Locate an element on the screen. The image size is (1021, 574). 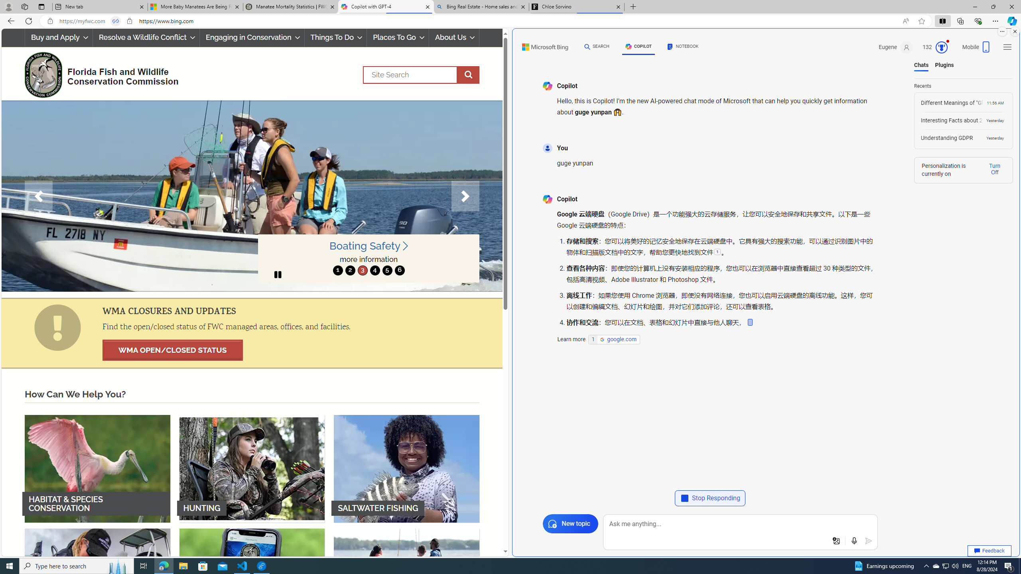
'move to slide 5' is located at coordinates (387, 270).